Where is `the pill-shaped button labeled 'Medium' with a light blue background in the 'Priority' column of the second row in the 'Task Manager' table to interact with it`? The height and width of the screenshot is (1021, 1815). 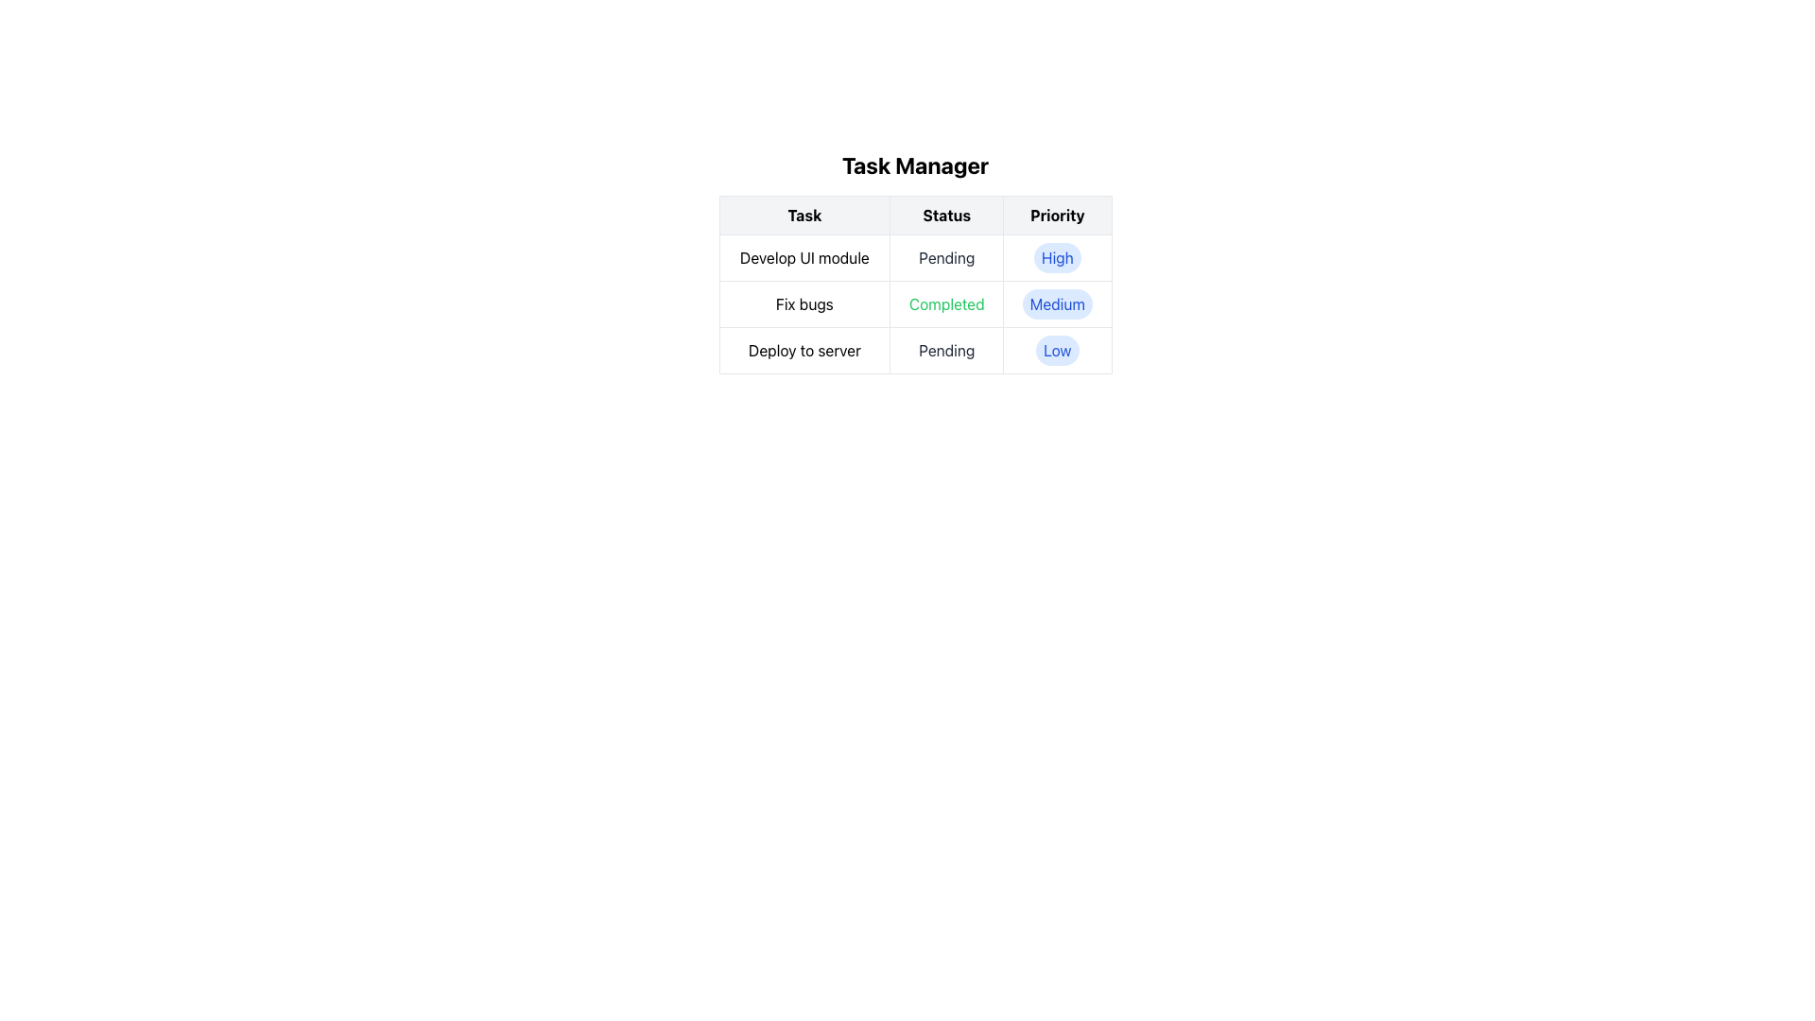 the pill-shaped button labeled 'Medium' with a light blue background in the 'Priority' column of the second row in the 'Task Manager' table to interact with it is located at coordinates (1056, 303).